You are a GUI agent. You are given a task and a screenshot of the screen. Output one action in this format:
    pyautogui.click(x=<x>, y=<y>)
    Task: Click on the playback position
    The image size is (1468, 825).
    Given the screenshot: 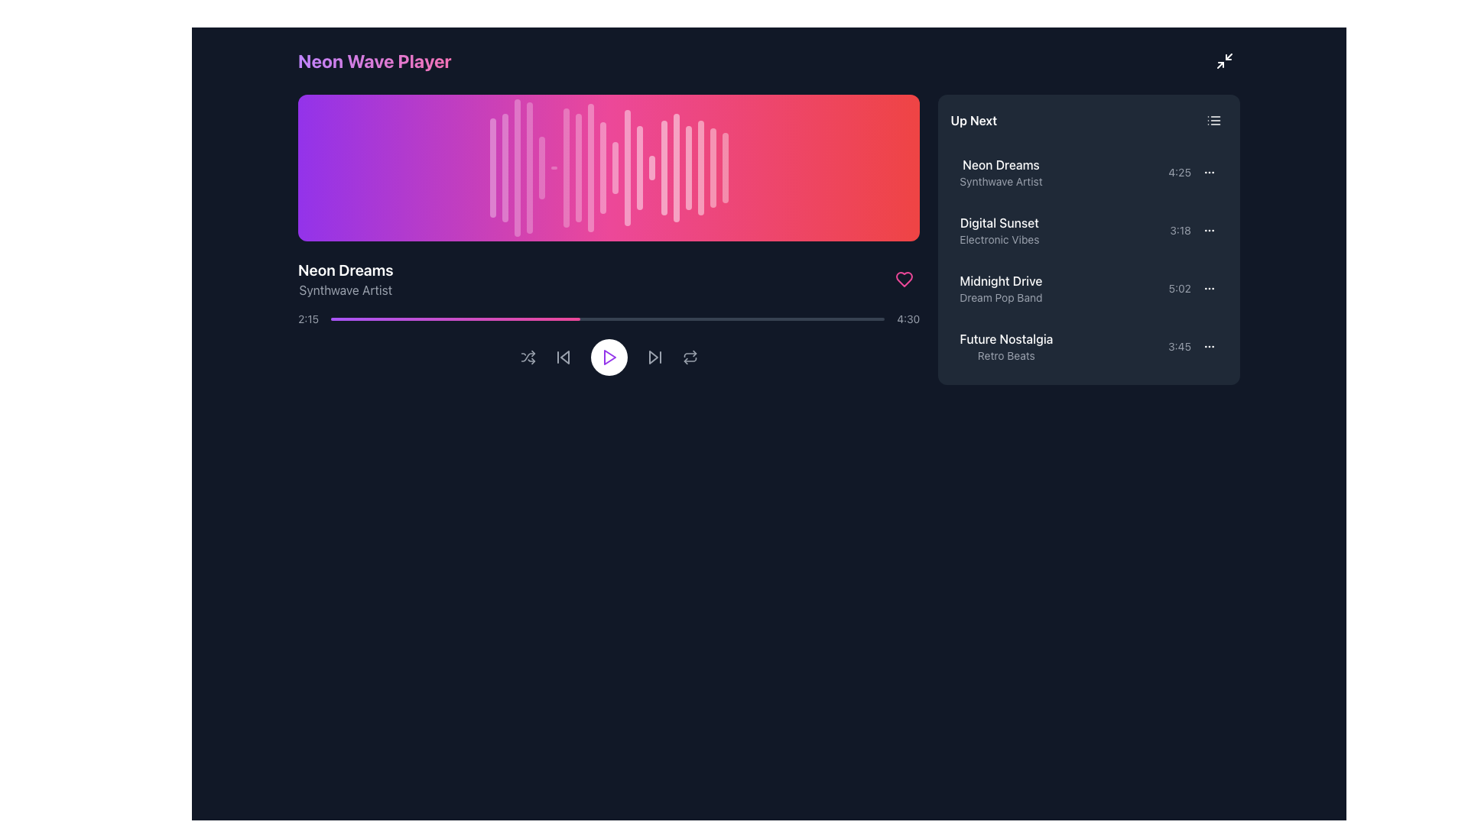 What is the action you would take?
    pyautogui.click(x=398, y=318)
    